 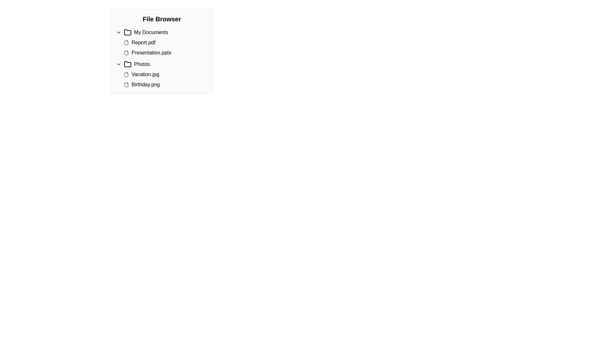 I want to click on the file icon representing 'Vacation.jpg', so click(x=126, y=74).